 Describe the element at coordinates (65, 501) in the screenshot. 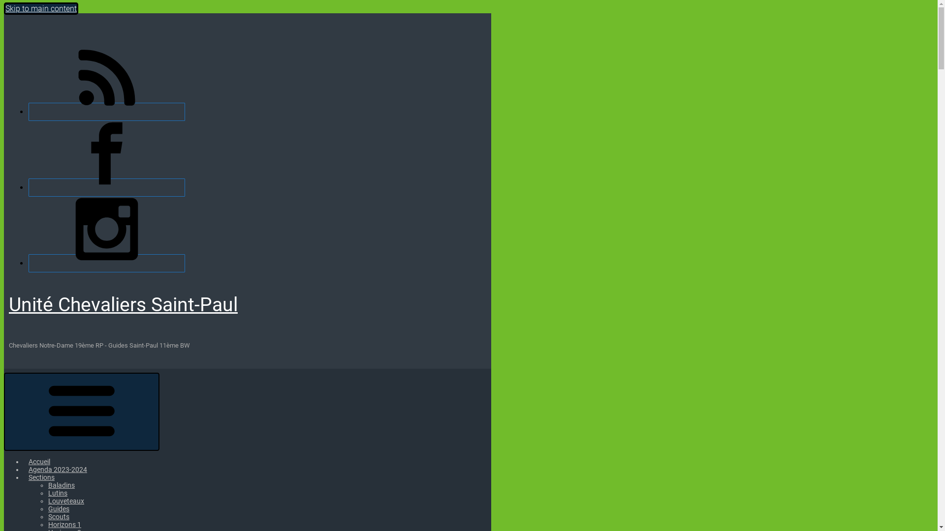

I see `'Louveteaux'` at that location.